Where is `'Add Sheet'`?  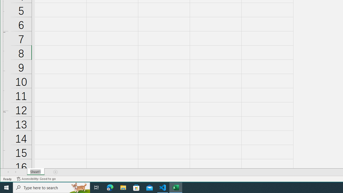 'Add Sheet' is located at coordinates (56, 172).